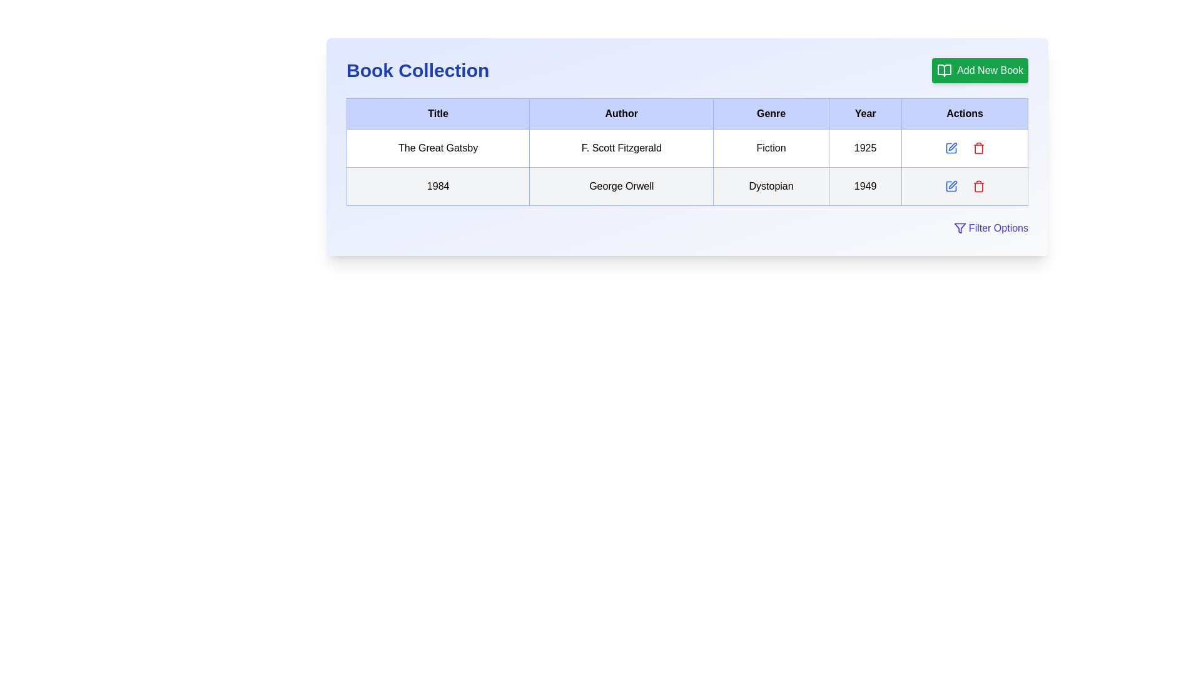 This screenshot has height=676, width=1201. Describe the element at coordinates (418, 70) in the screenshot. I see `the text label displaying 'Book Collection' in bold blue font, located at the top-left corner of the user interface section` at that location.